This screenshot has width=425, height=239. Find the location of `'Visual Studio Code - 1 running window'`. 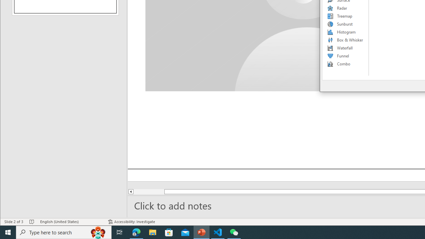

'Visual Studio Code - 1 running window' is located at coordinates (218, 232).